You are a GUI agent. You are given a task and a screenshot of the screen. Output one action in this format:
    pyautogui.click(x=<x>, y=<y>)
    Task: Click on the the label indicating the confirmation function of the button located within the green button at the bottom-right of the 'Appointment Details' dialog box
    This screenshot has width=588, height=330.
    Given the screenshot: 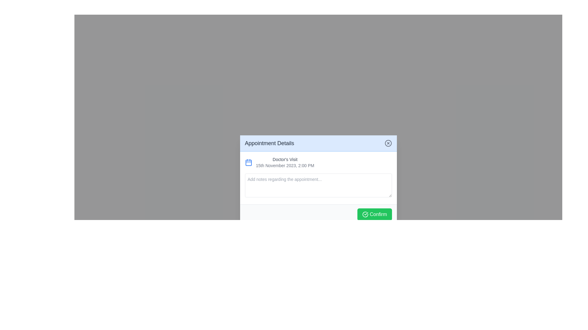 What is the action you would take?
    pyautogui.click(x=378, y=214)
    